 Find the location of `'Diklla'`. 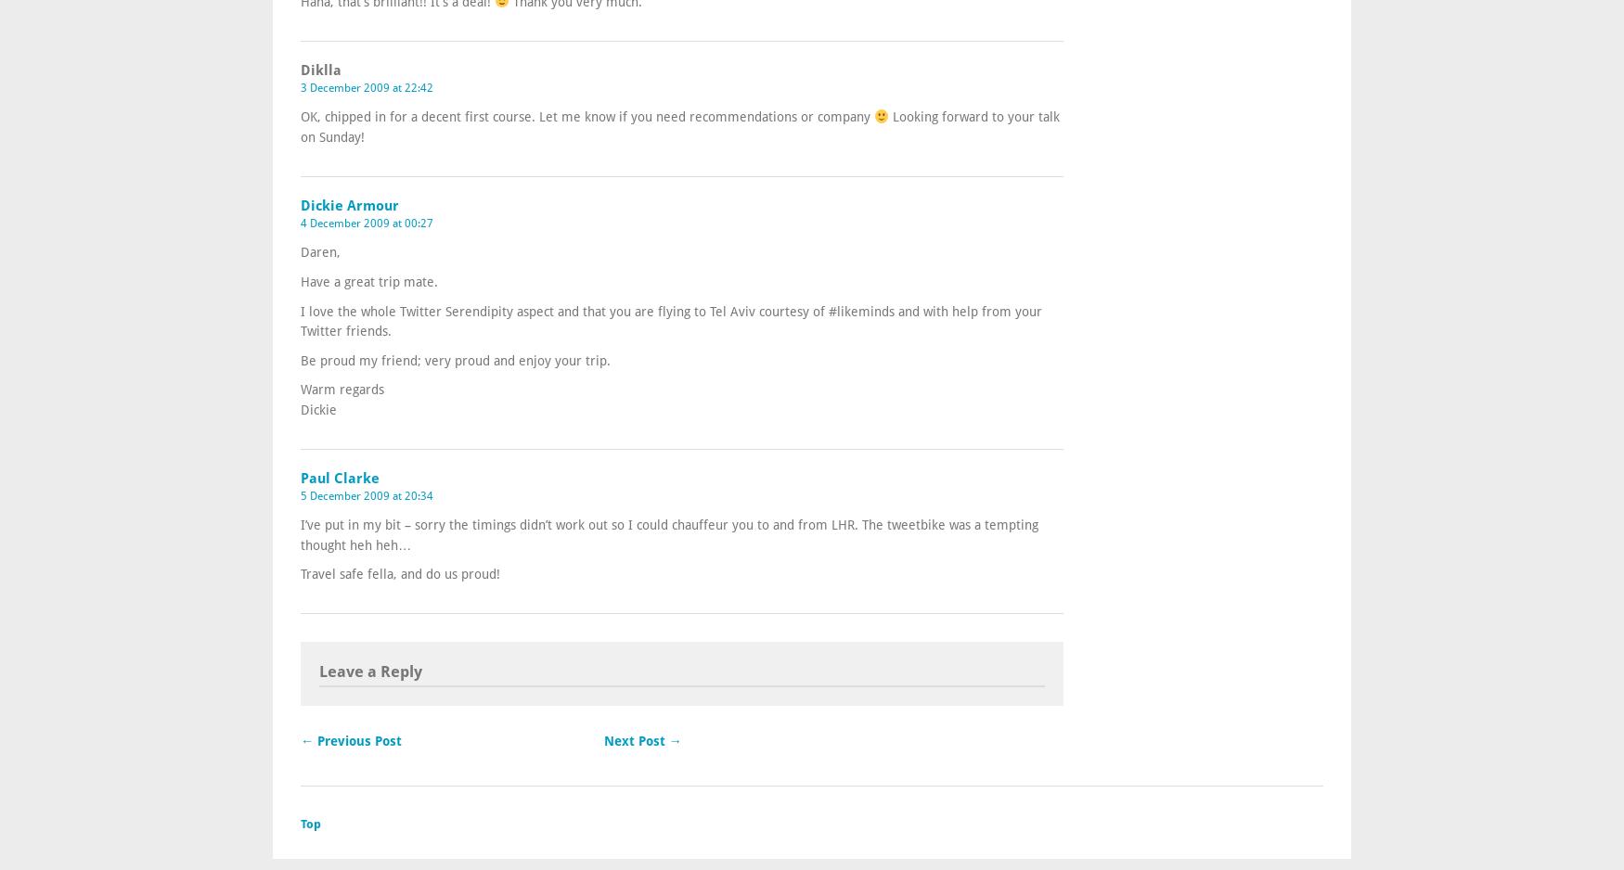

'Diklla' is located at coordinates (300, 70).